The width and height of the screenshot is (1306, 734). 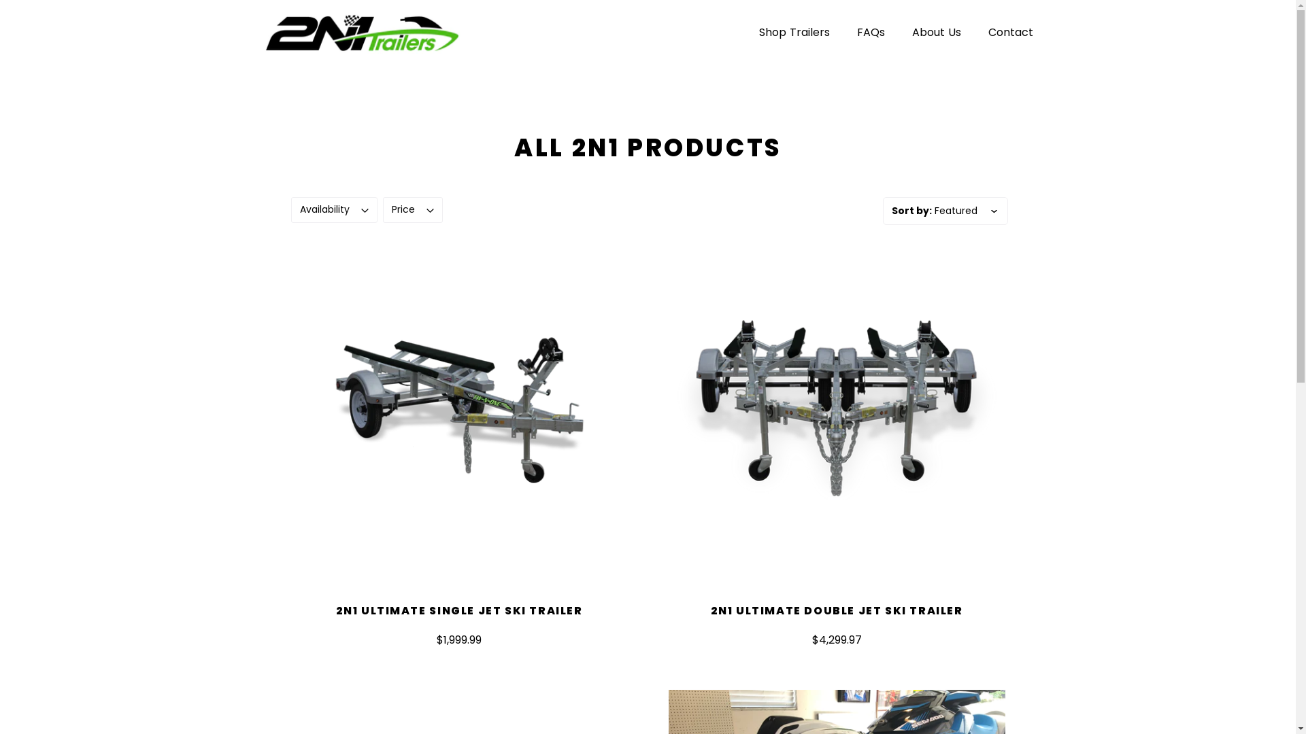 I want to click on 'Shop Trailers', so click(x=794, y=31).